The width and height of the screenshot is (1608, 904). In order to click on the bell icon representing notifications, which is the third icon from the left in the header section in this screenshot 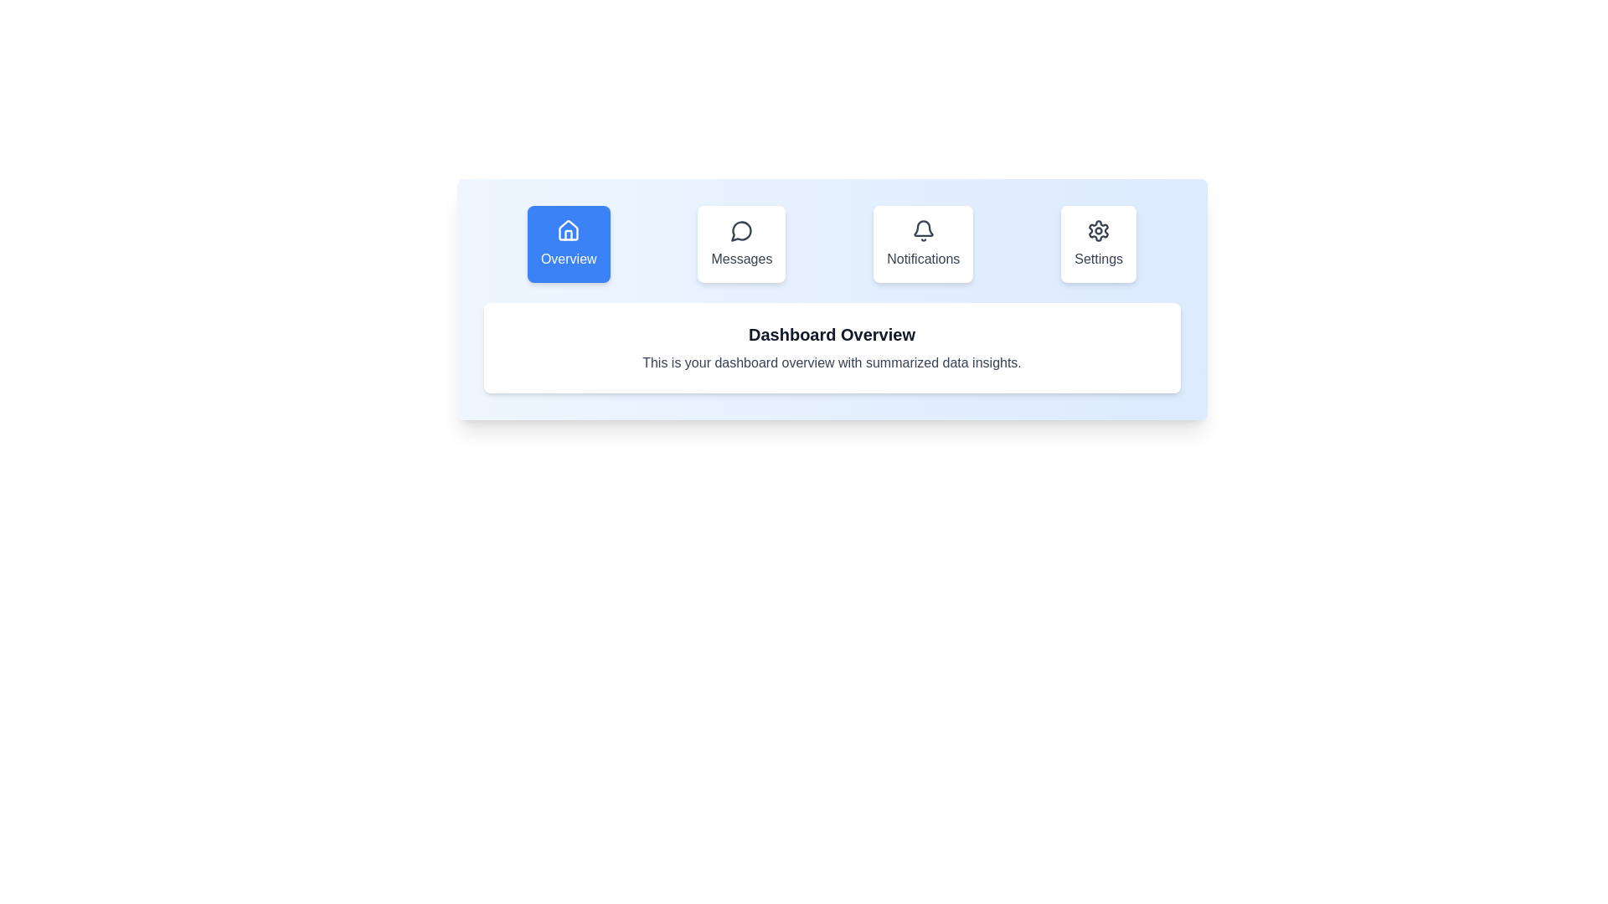, I will do `click(922, 229)`.